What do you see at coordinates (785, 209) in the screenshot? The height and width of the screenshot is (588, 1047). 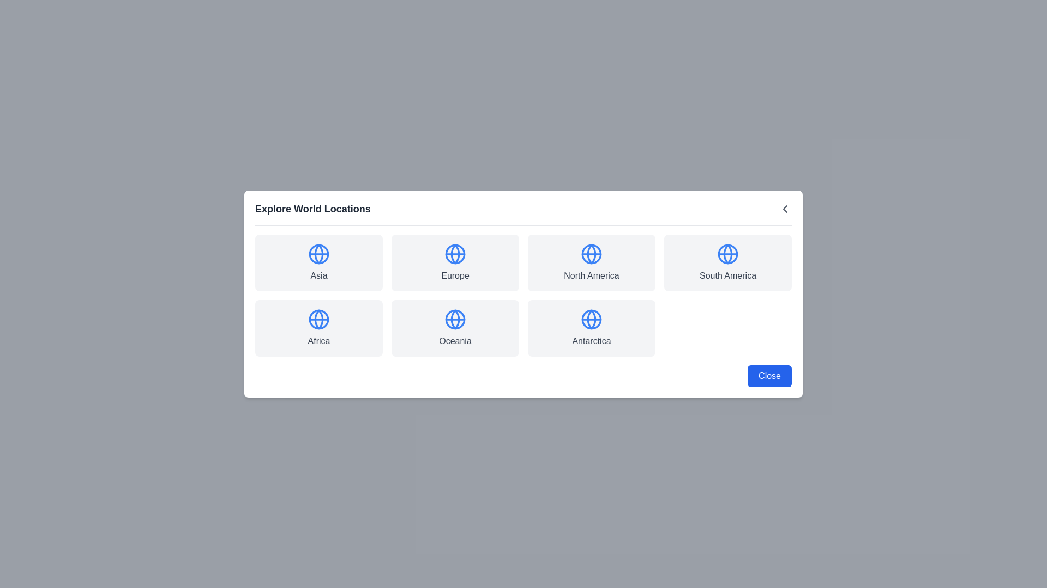 I see `close button in the header to close the dialog` at bounding box center [785, 209].